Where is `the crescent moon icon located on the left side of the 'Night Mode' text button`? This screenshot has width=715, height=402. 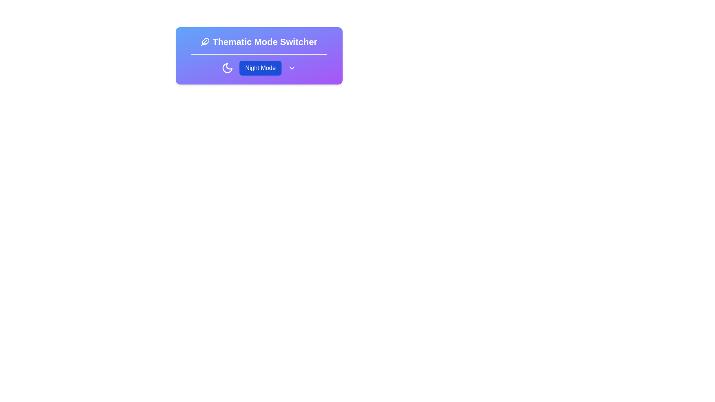
the crescent moon icon located on the left side of the 'Night Mode' text button is located at coordinates (227, 68).